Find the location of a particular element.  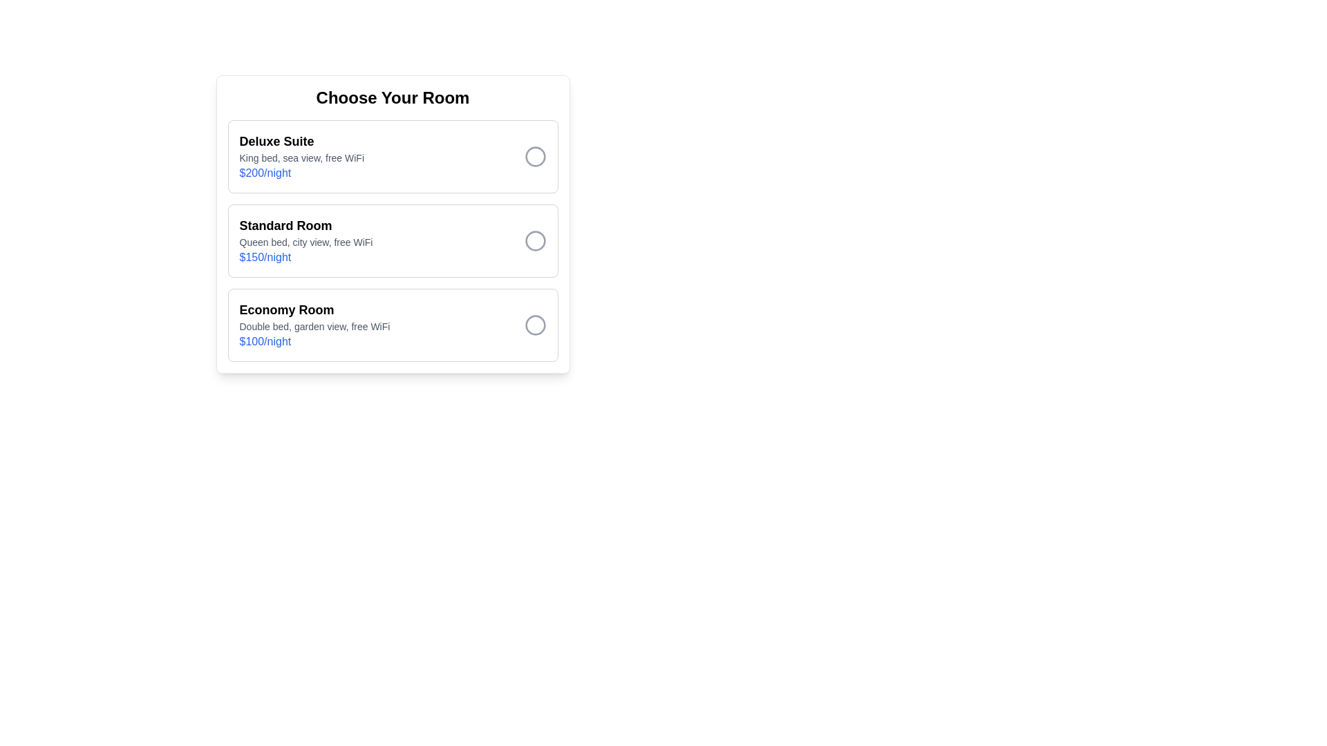

the third entry in the vertically stacked list of room options, which displays details for user selection is located at coordinates (314, 325).